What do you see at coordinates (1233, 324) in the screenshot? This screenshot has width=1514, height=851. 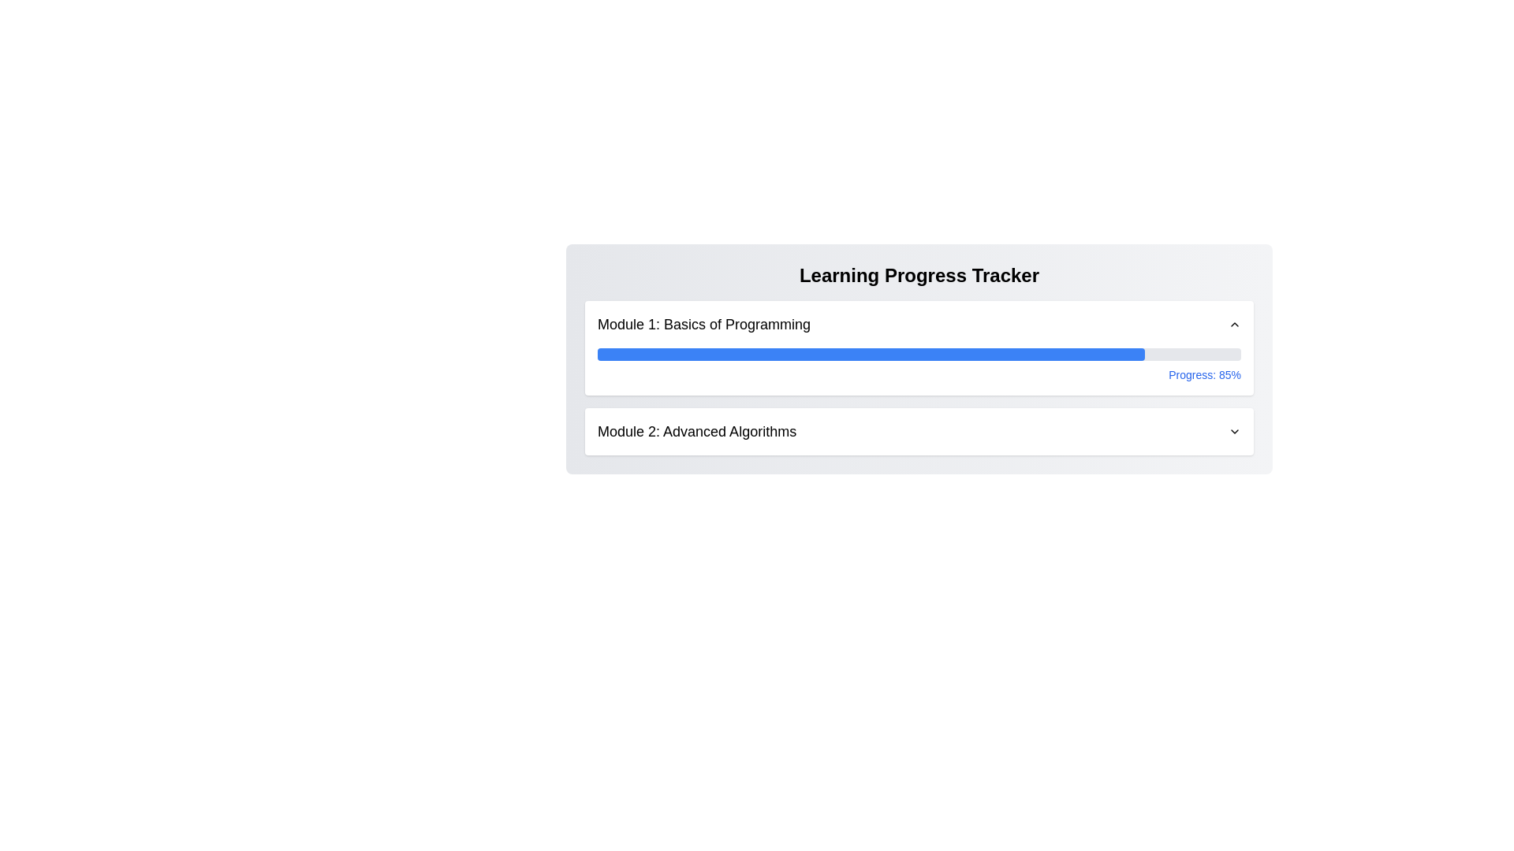 I see `the upward-pointing chevron icon button located at the far right of the header labeled 'Module 1: Basics of Programming'` at bounding box center [1233, 324].